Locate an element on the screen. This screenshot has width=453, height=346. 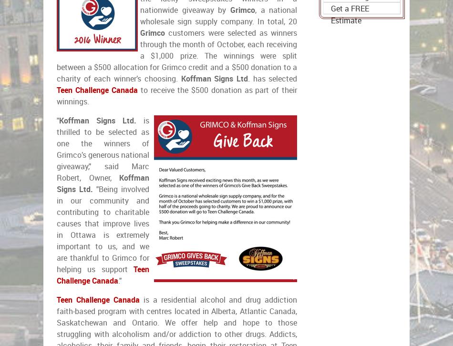
'"' is located at coordinates (58, 120).